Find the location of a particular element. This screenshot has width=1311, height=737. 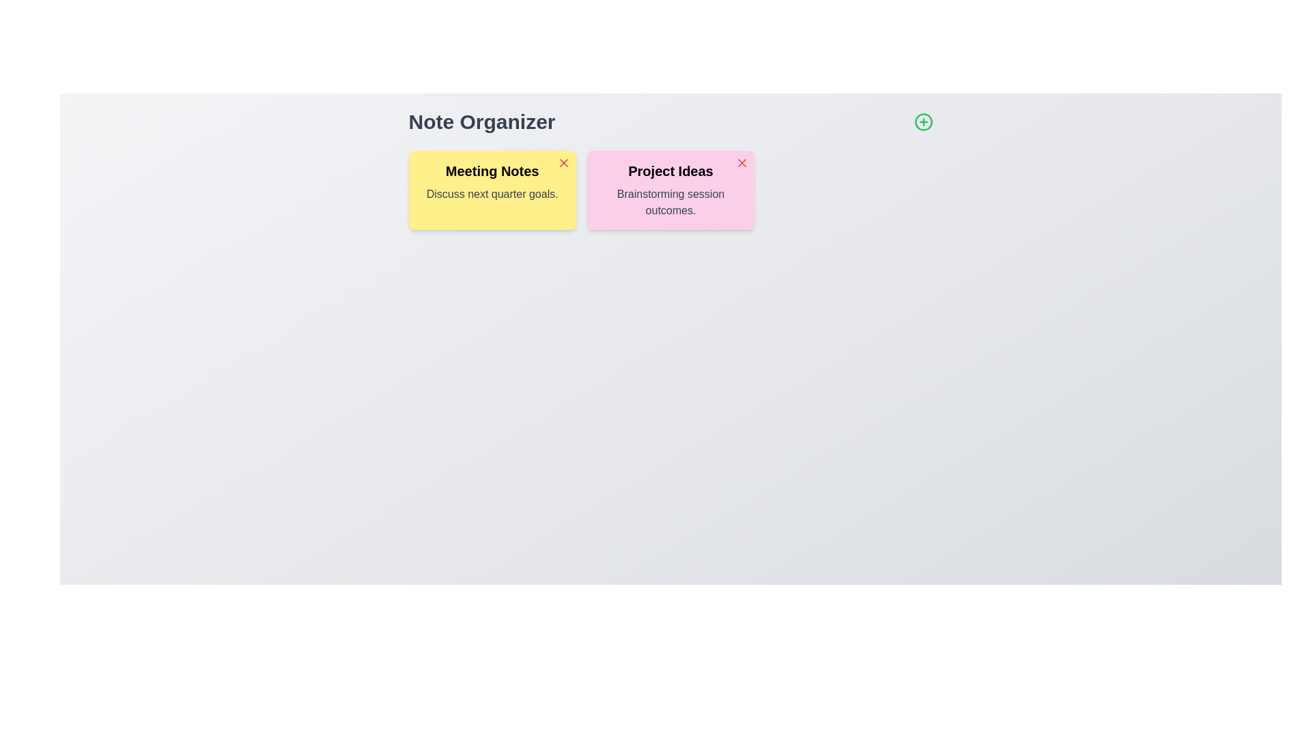

the Close/Delete button, which is a red cross-shaped icon located at the top-right corner of the 'Project Ideas' card is located at coordinates (742, 162).